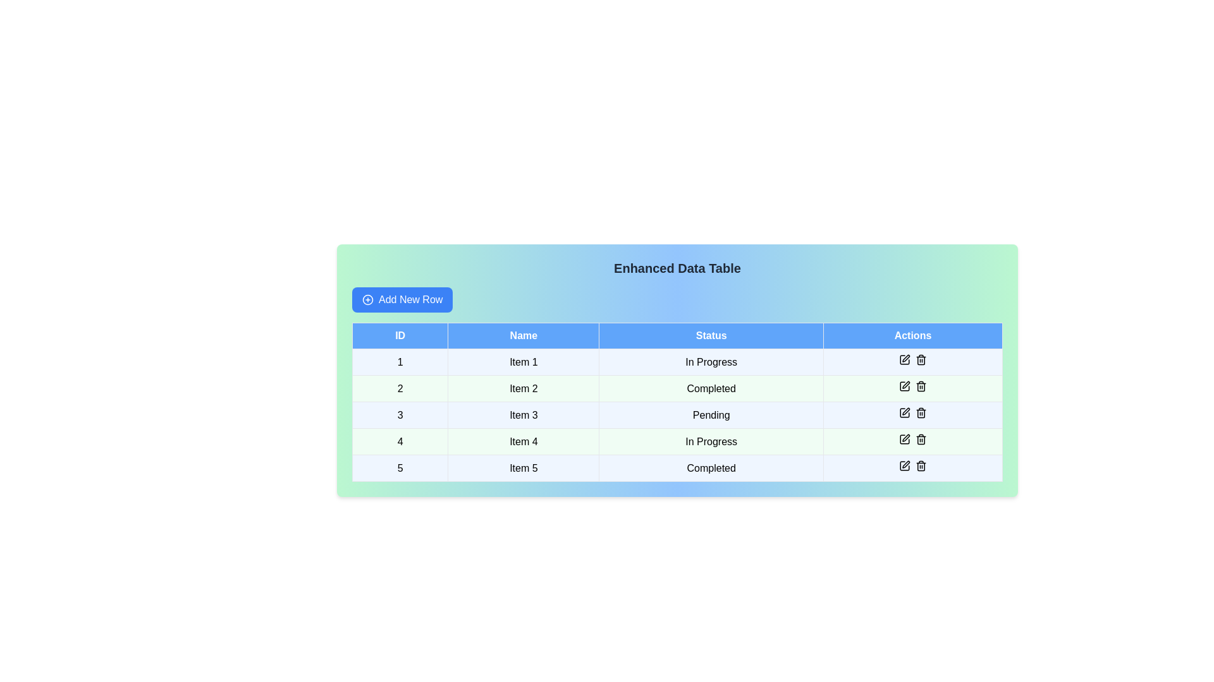  I want to click on the edit icon button located in the 'Actions' column of the table for 'Item 2', so click(905, 358).